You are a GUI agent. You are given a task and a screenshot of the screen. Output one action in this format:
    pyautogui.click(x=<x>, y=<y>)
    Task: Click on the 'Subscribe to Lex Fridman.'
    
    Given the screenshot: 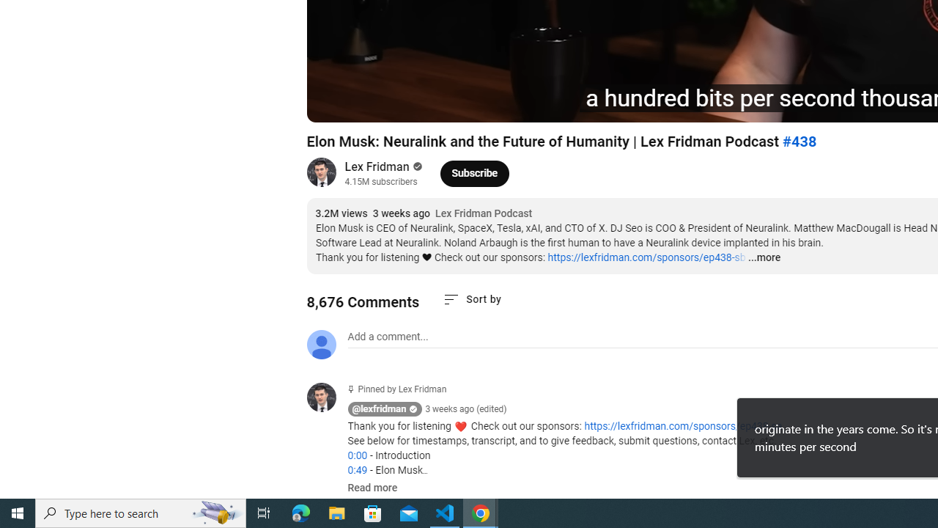 What is the action you would take?
    pyautogui.click(x=475, y=172)
    